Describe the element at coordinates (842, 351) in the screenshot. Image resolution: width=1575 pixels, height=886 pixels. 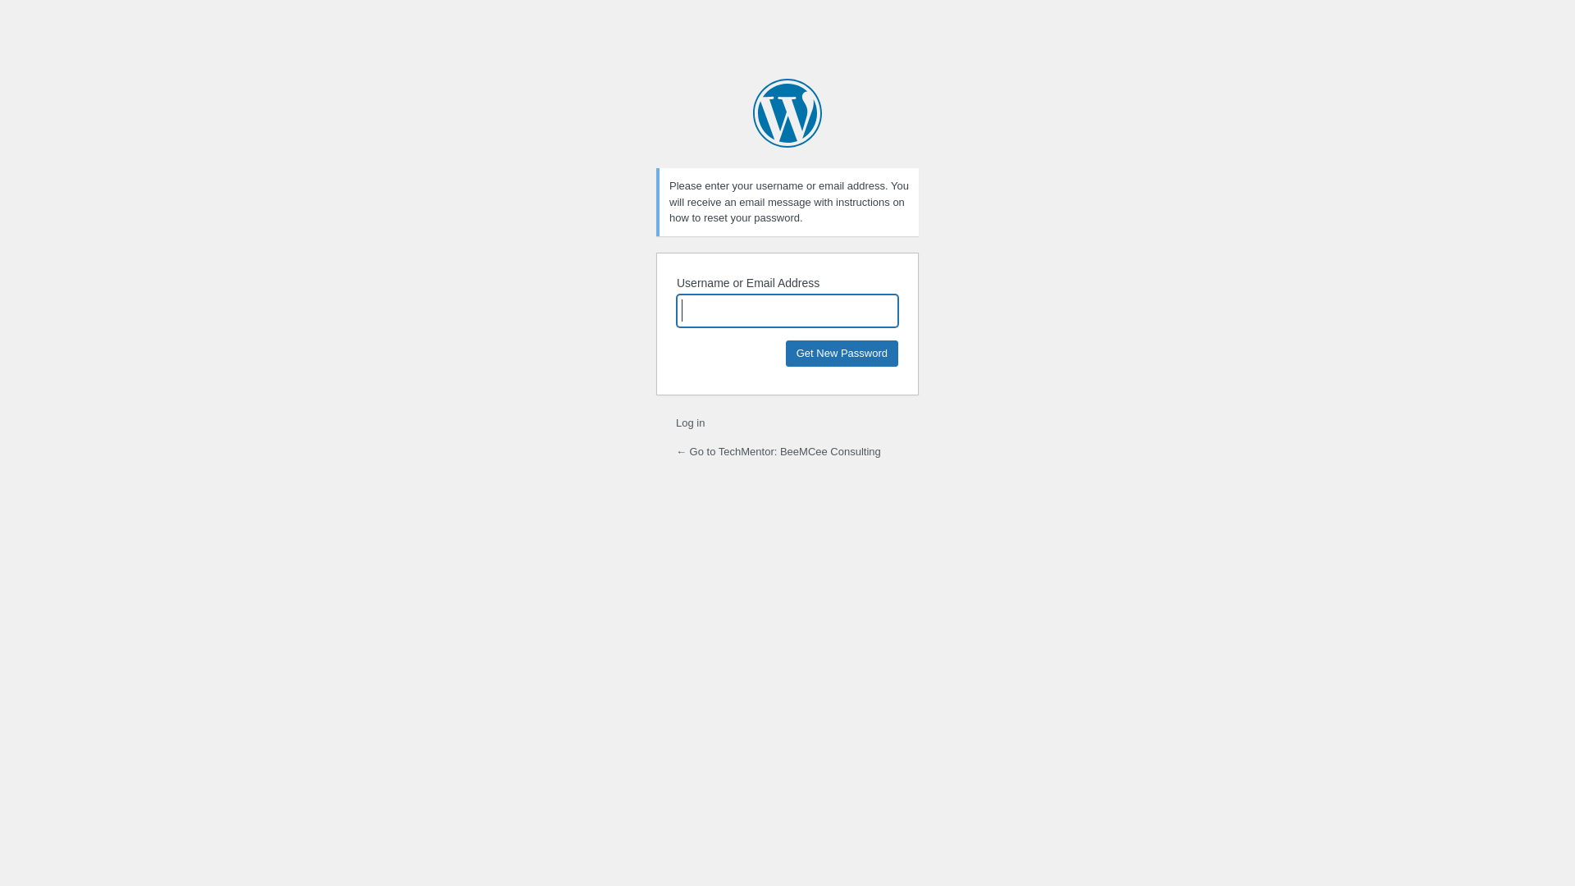
I see `'Get New Password'` at that location.